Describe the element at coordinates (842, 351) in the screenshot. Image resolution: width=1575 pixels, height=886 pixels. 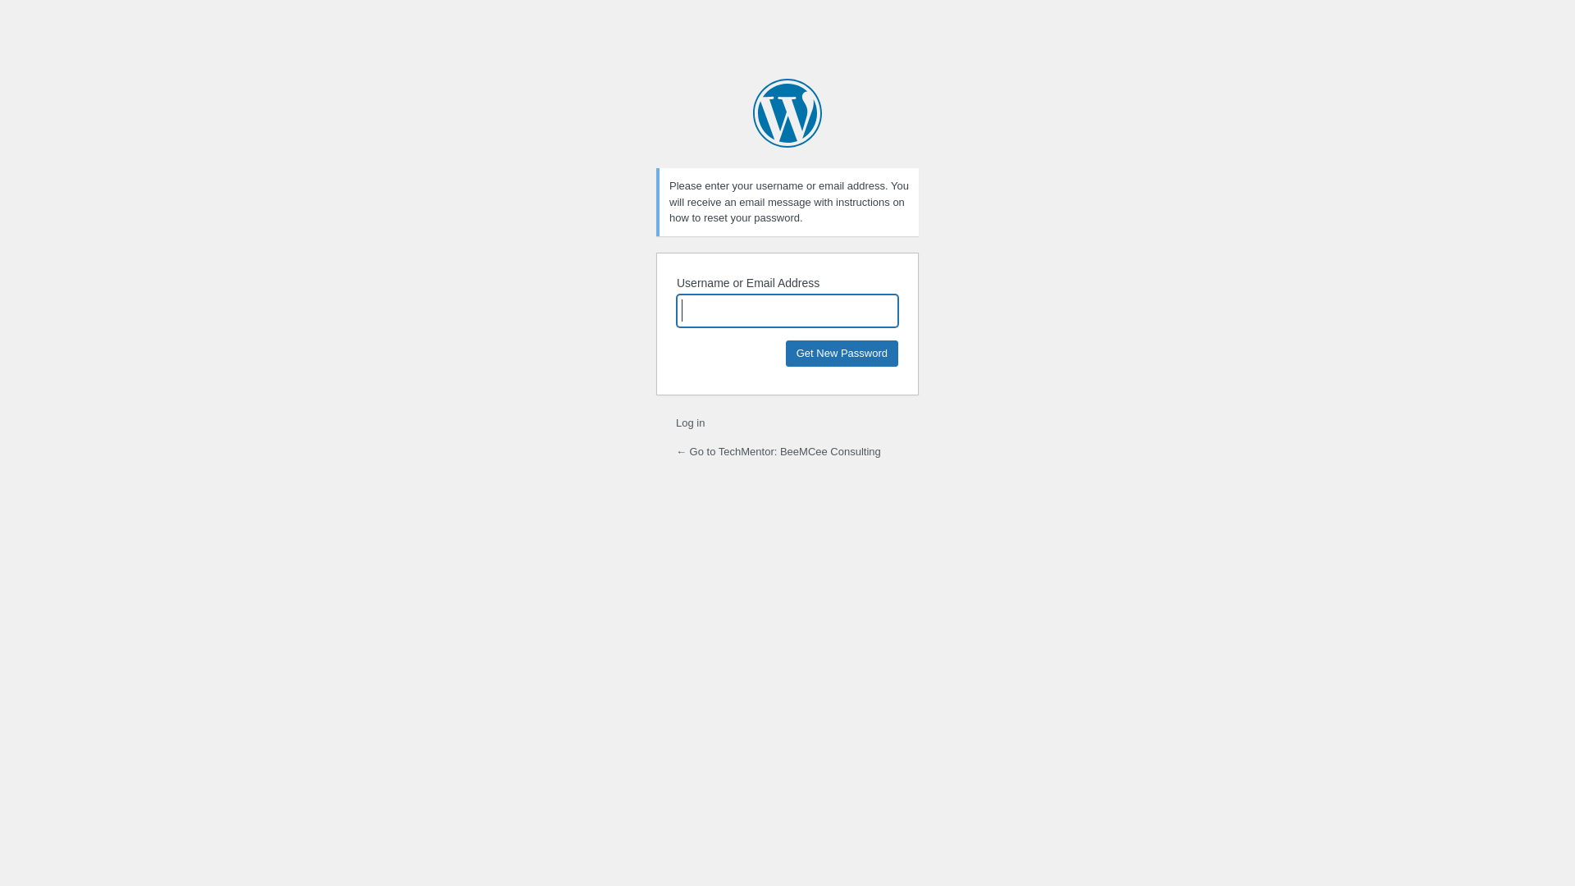
I see `'Get New Password'` at that location.